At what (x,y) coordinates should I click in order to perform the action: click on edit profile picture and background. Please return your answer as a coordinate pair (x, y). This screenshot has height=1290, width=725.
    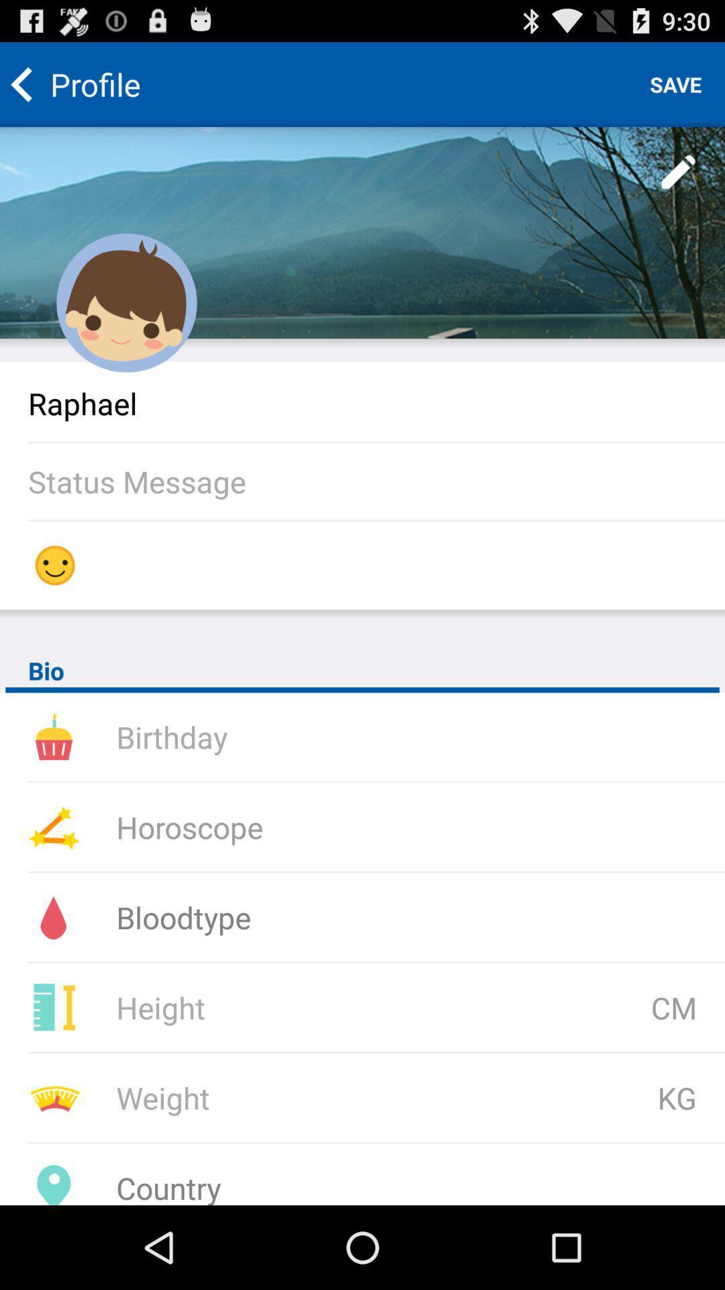
    Looking at the image, I should click on (362, 232).